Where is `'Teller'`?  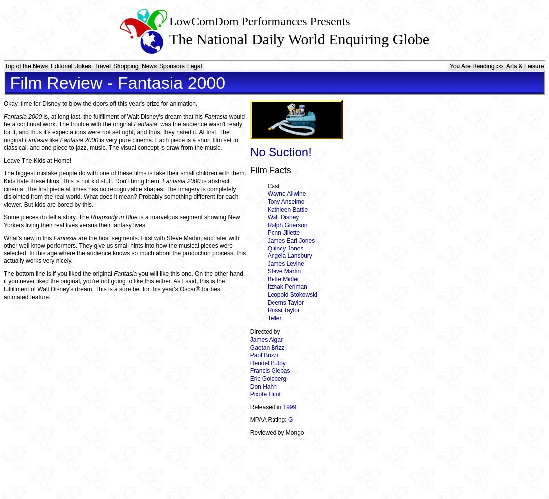
'Teller' is located at coordinates (274, 318).